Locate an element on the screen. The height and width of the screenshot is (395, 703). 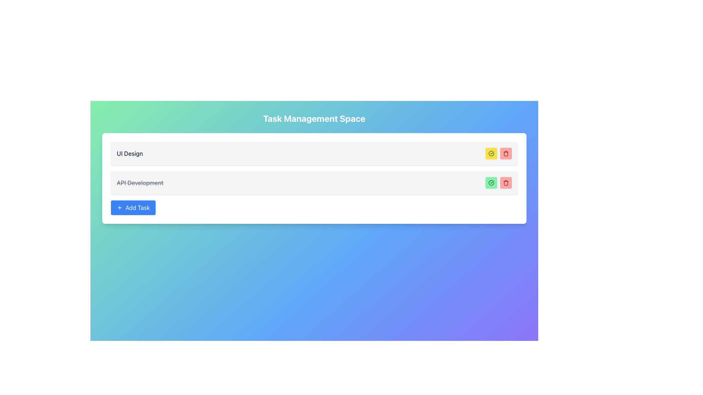
the completion icon next to the 'UI Design' text entry to indicate that the task is completed is located at coordinates (491, 153).